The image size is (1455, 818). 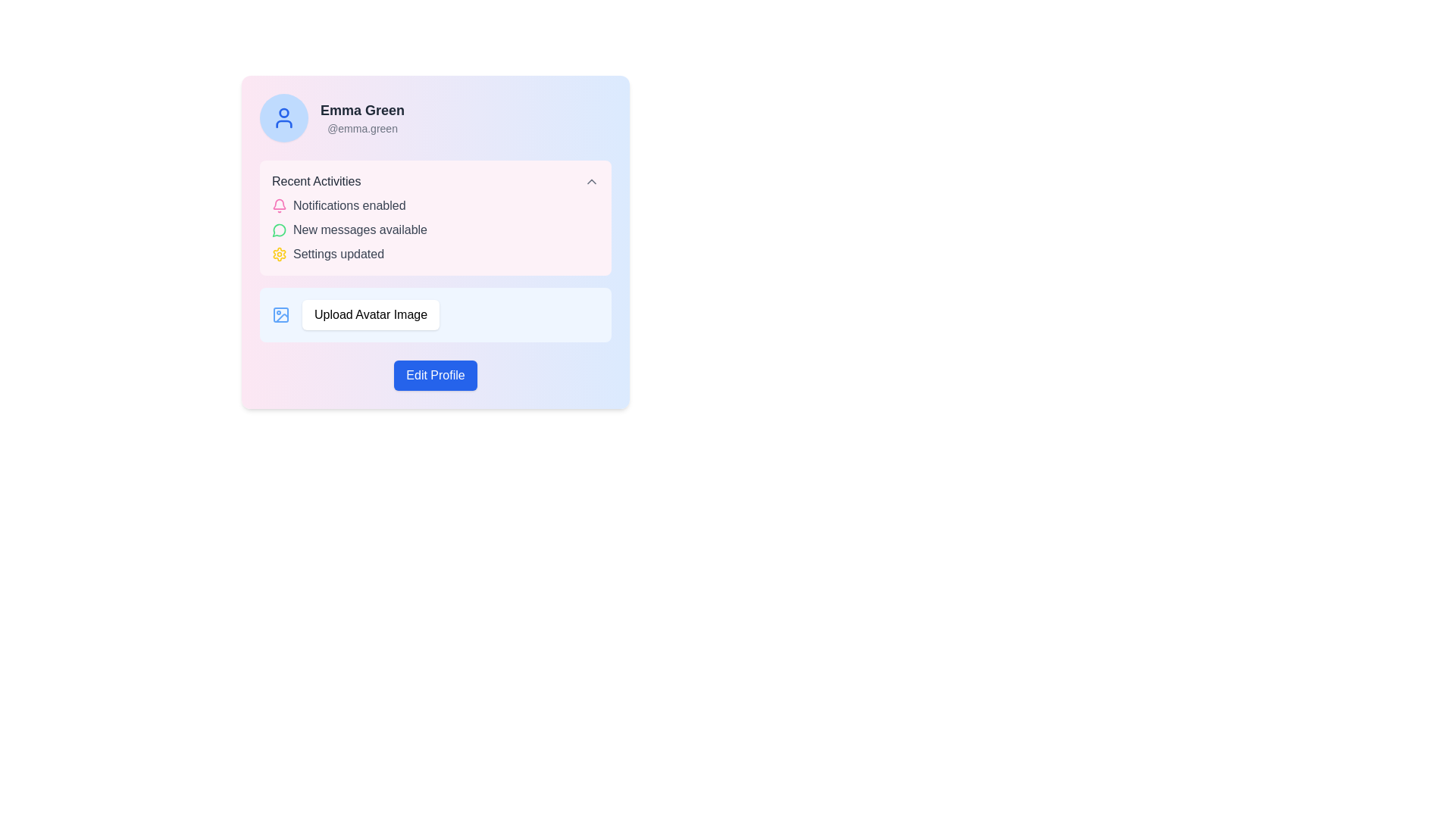 I want to click on the 'Edit Profile' button, which has a blue background and white text, located at the bottom of the user information card, so click(x=435, y=375).